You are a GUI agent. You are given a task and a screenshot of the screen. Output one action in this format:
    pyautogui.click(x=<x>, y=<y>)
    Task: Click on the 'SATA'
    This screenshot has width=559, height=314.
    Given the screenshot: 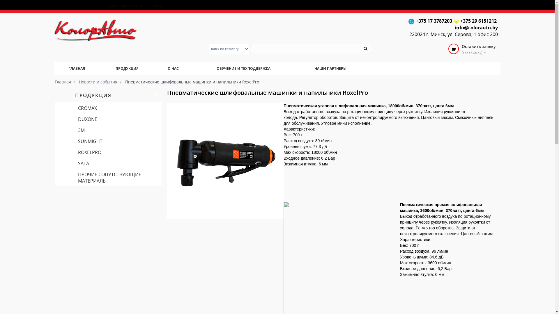 What is the action you would take?
    pyautogui.click(x=108, y=163)
    